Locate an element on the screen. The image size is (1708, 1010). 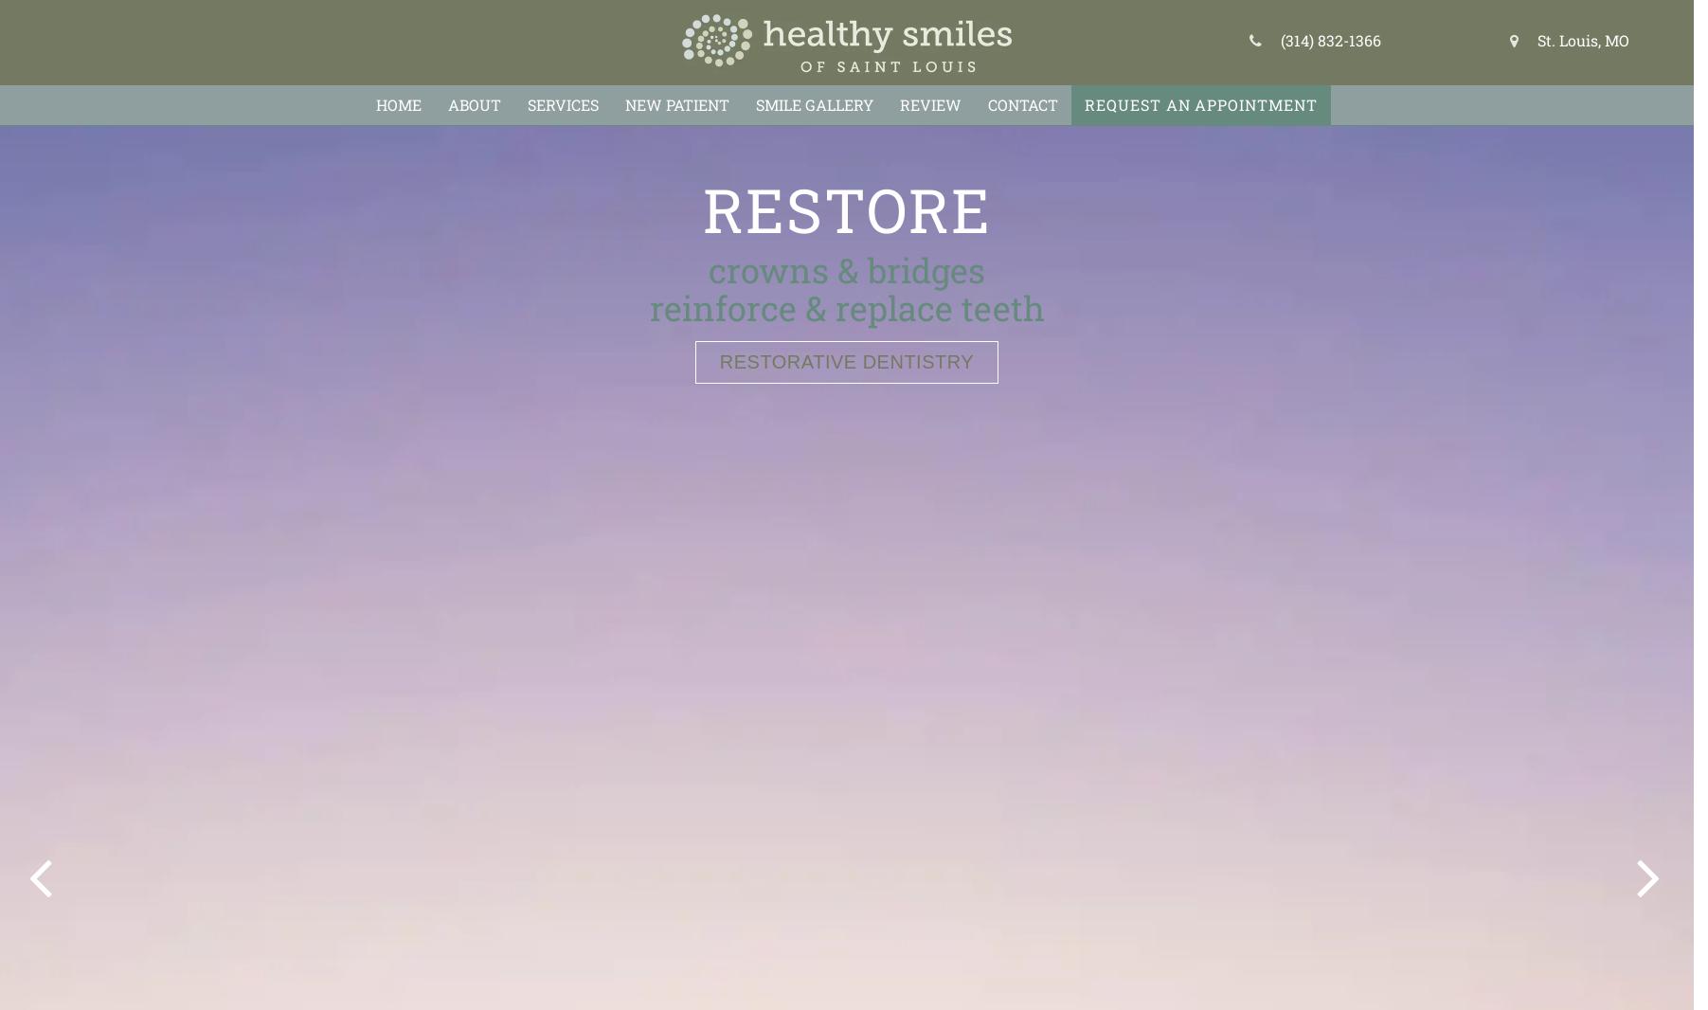
'Esthetic Dentistry' is located at coordinates (845, 361).